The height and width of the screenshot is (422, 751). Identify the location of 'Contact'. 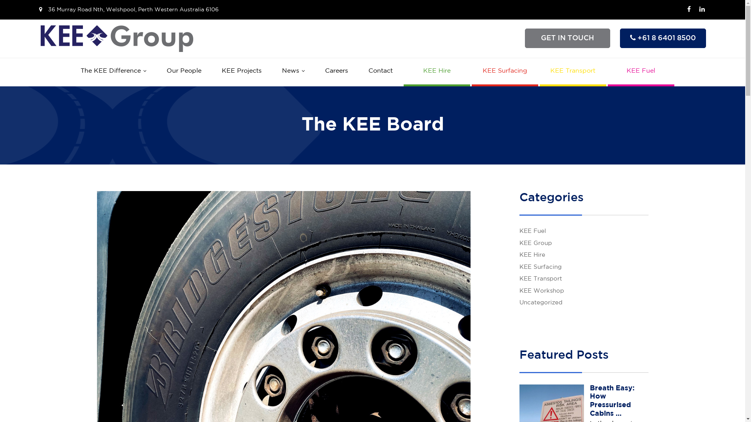
(381, 71).